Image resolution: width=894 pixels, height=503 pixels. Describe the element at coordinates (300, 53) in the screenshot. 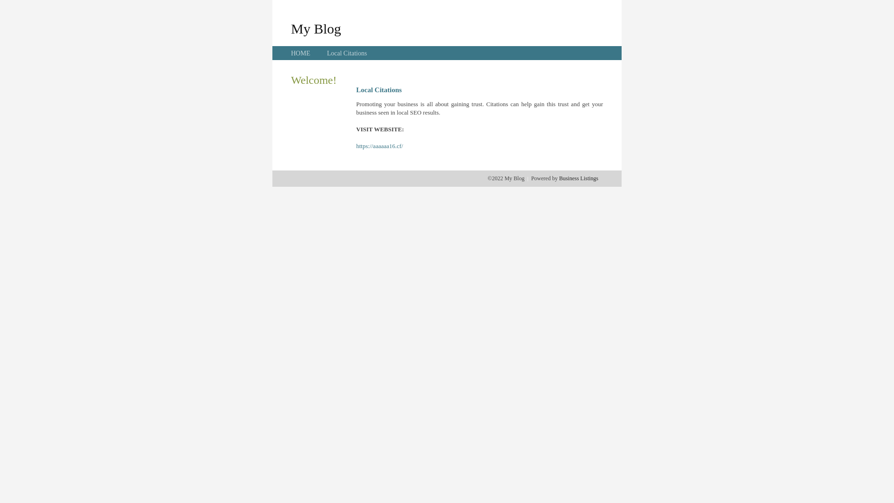

I see `'HOME'` at that location.